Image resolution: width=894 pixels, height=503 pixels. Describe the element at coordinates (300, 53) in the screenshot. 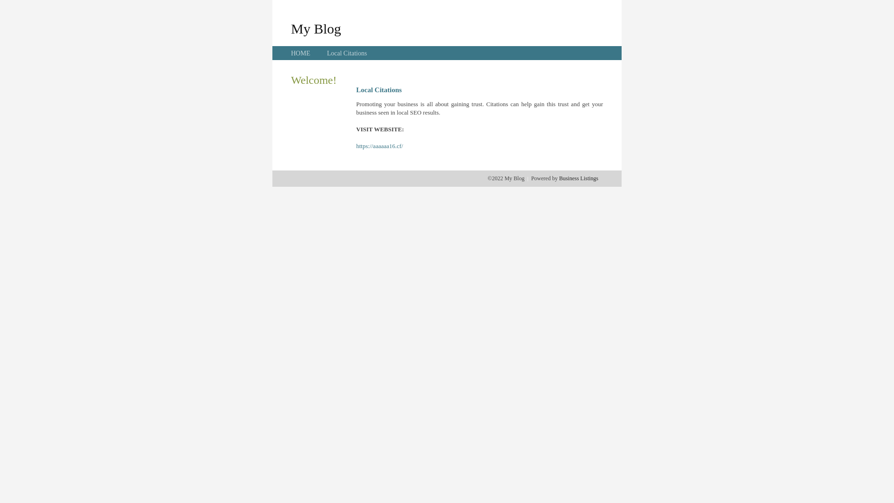

I see `'HOME'` at that location.